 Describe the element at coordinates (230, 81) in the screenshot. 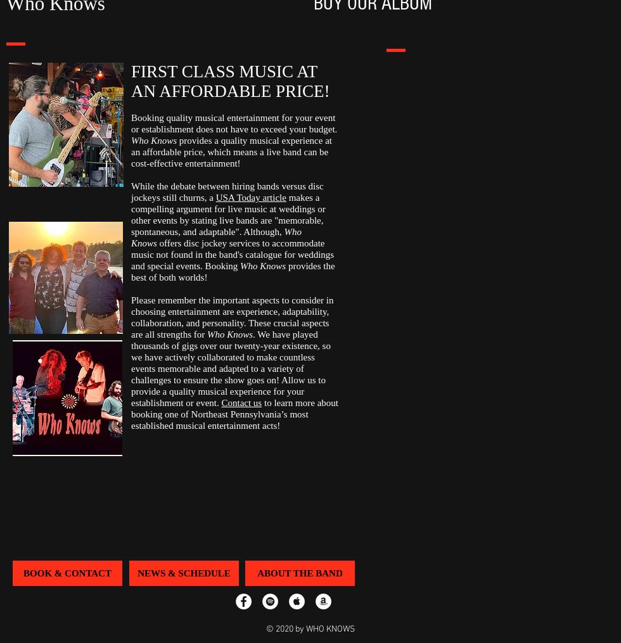

I see `'FIRST CLASS MUSIC AT AN AFFORDABLE PRICE!'` at that location.